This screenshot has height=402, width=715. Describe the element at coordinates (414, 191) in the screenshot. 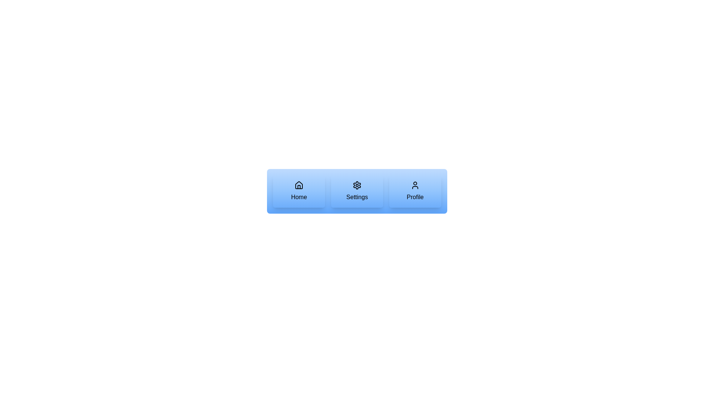

I see `the Profile button using the keyboard` at that location.